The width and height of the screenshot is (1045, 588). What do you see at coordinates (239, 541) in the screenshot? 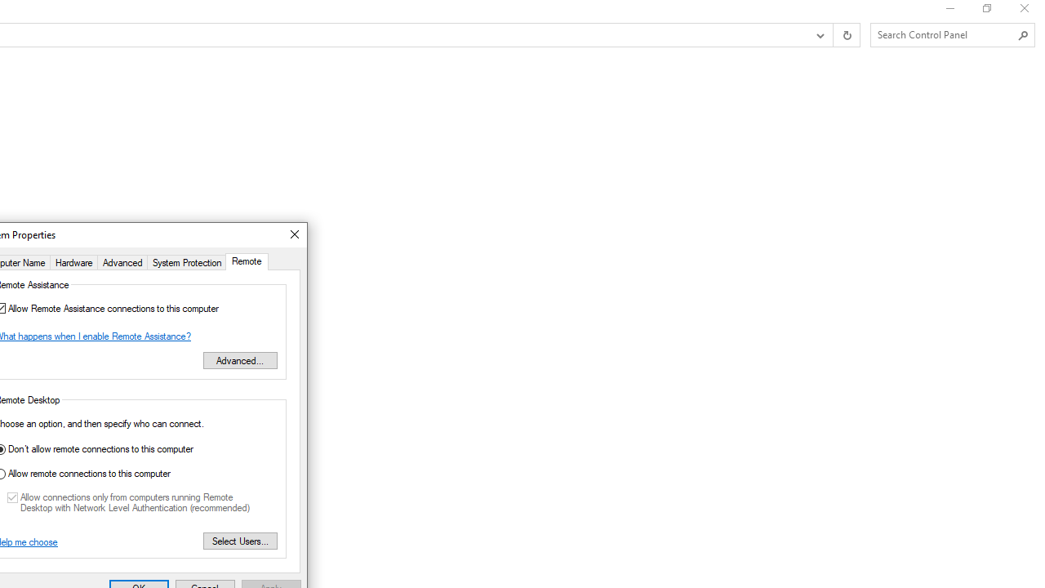
I see `'Select Users...'` at bounding box center [239, 541].